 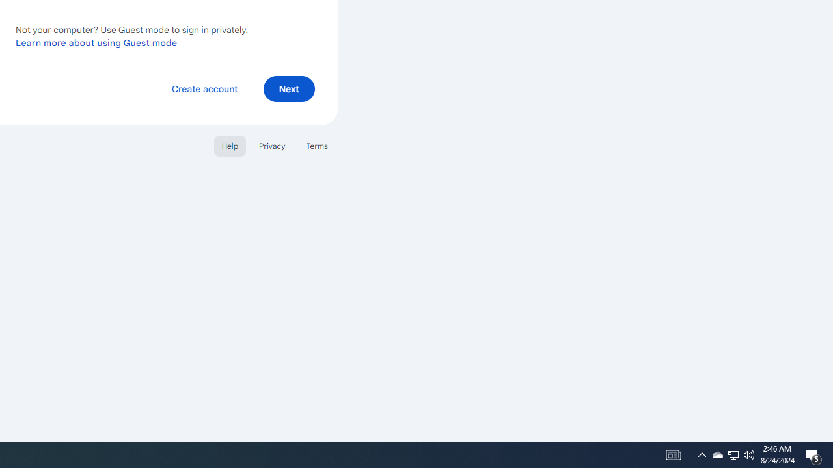 What do you see at coordinates (96, 42) in the screenshot?
I see `'Learn more about using Guest mode'` at bounding box center [96, 42].